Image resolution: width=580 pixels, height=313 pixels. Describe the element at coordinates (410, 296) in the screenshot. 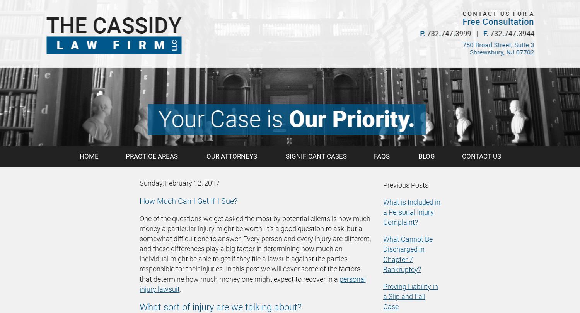

I see `'Proving Liability in a Slip and Fall Case'` at that location.